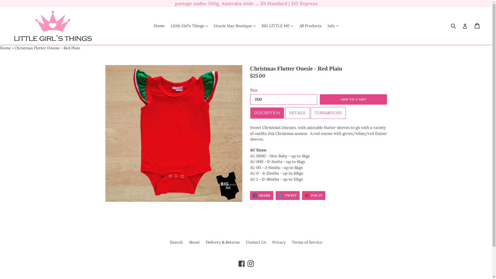 Image resolution: width=496 pixels, height=279 pixels. Describe the element at coordinates (462, 26) in the screenshot. I see `'Log in'` at that location.